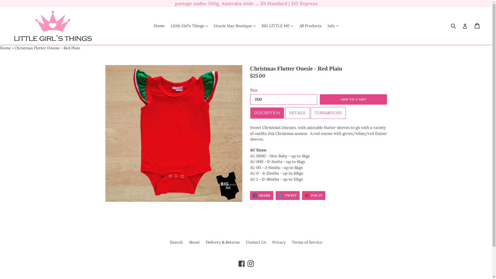 Image resolution: width=496 pixels, height=279 pixels. Describe the element at coordinates (462, 26) in the screenshot. I see `'Log in'` at that location.